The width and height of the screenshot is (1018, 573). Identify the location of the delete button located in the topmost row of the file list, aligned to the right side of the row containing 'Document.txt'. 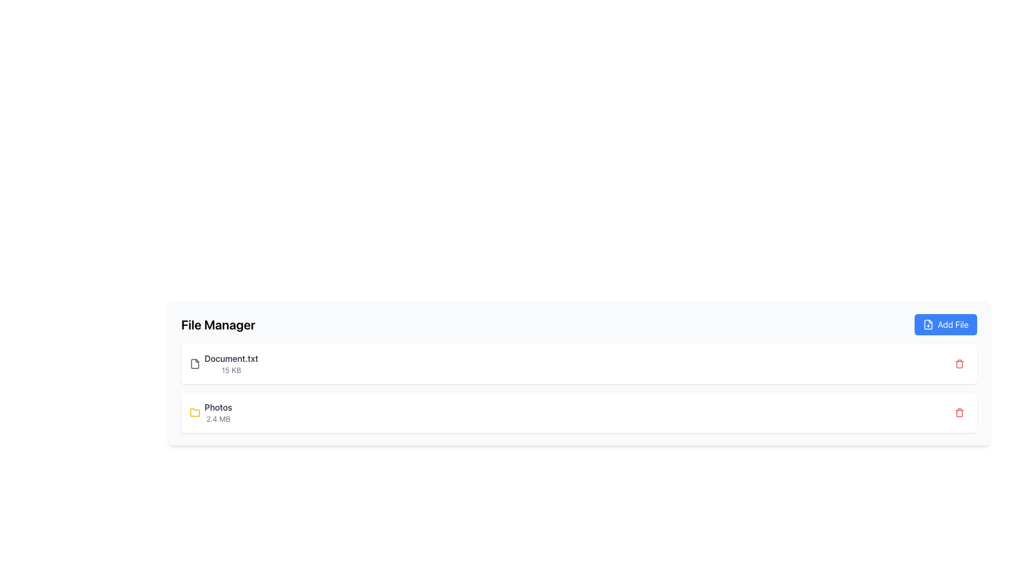
(959, 363).